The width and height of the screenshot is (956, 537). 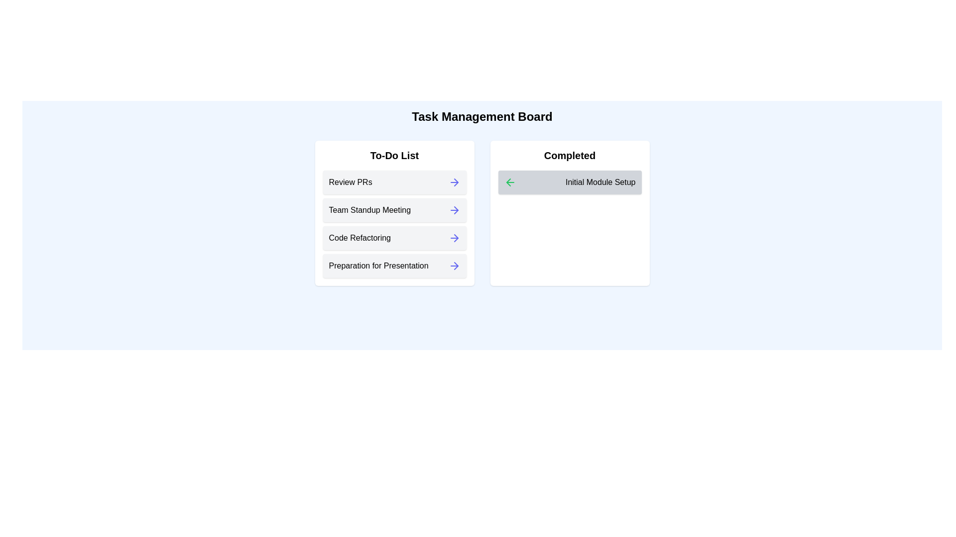 I want to click on the arrow next to the task 'Preparation for Presentation' in the 'To-Do List' to move it to the 'Completed' list, so click(x=454, y=266).